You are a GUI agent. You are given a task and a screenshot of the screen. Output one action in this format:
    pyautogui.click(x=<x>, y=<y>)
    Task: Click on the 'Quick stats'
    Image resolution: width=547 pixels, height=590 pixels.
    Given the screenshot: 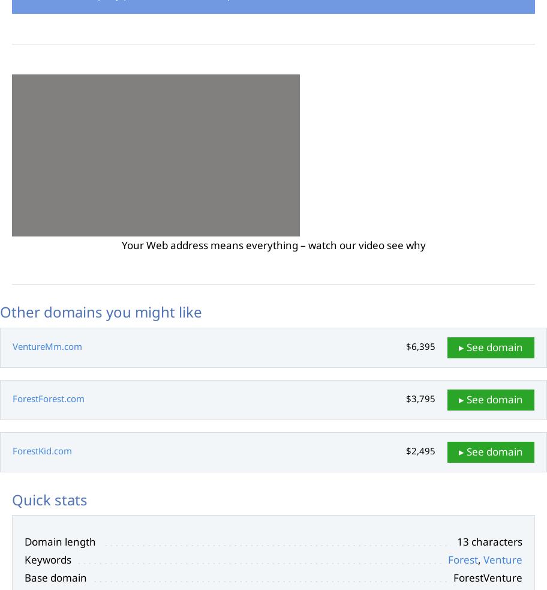 What is the action you would take?
    pyautogui.click(x=11, y=499)
    